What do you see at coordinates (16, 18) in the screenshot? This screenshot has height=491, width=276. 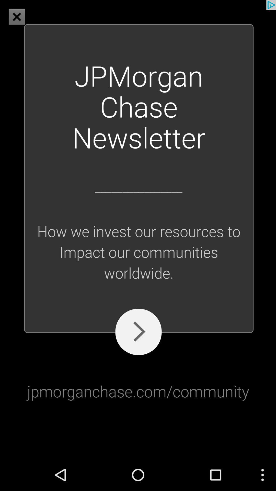 I see `the close icon` at bounding box center [16, 18].